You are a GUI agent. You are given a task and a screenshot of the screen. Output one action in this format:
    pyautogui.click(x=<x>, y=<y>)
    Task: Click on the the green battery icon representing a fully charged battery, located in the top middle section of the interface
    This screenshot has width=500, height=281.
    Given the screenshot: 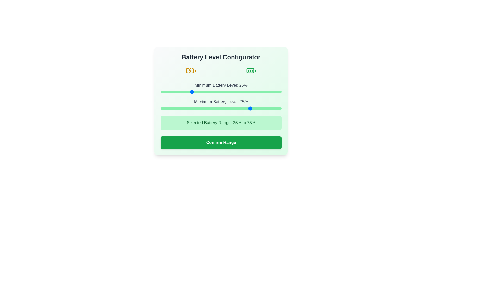 What is the action you would take?
    pyautogui.click(x=251, y=71)
    